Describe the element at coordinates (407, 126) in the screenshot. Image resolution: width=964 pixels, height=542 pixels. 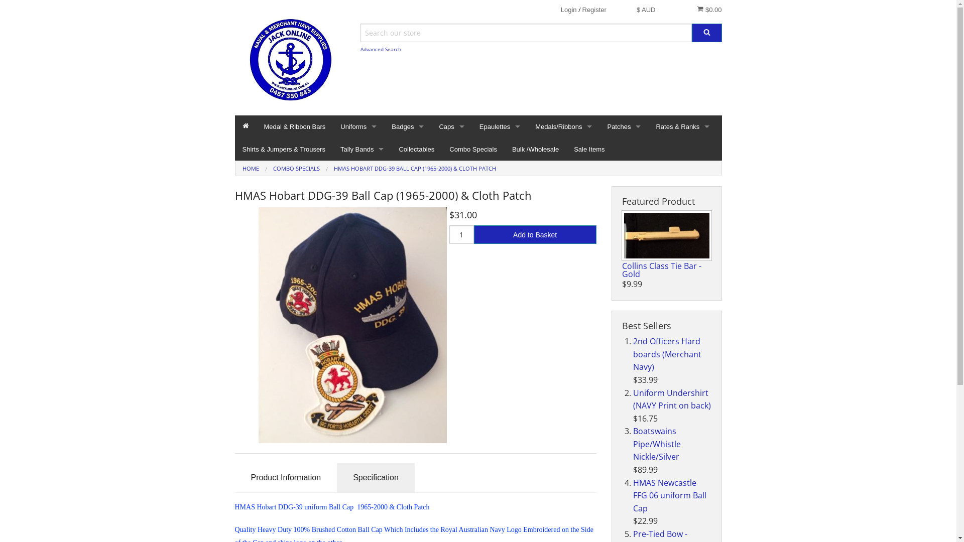
I see `'Badges'` at that location.